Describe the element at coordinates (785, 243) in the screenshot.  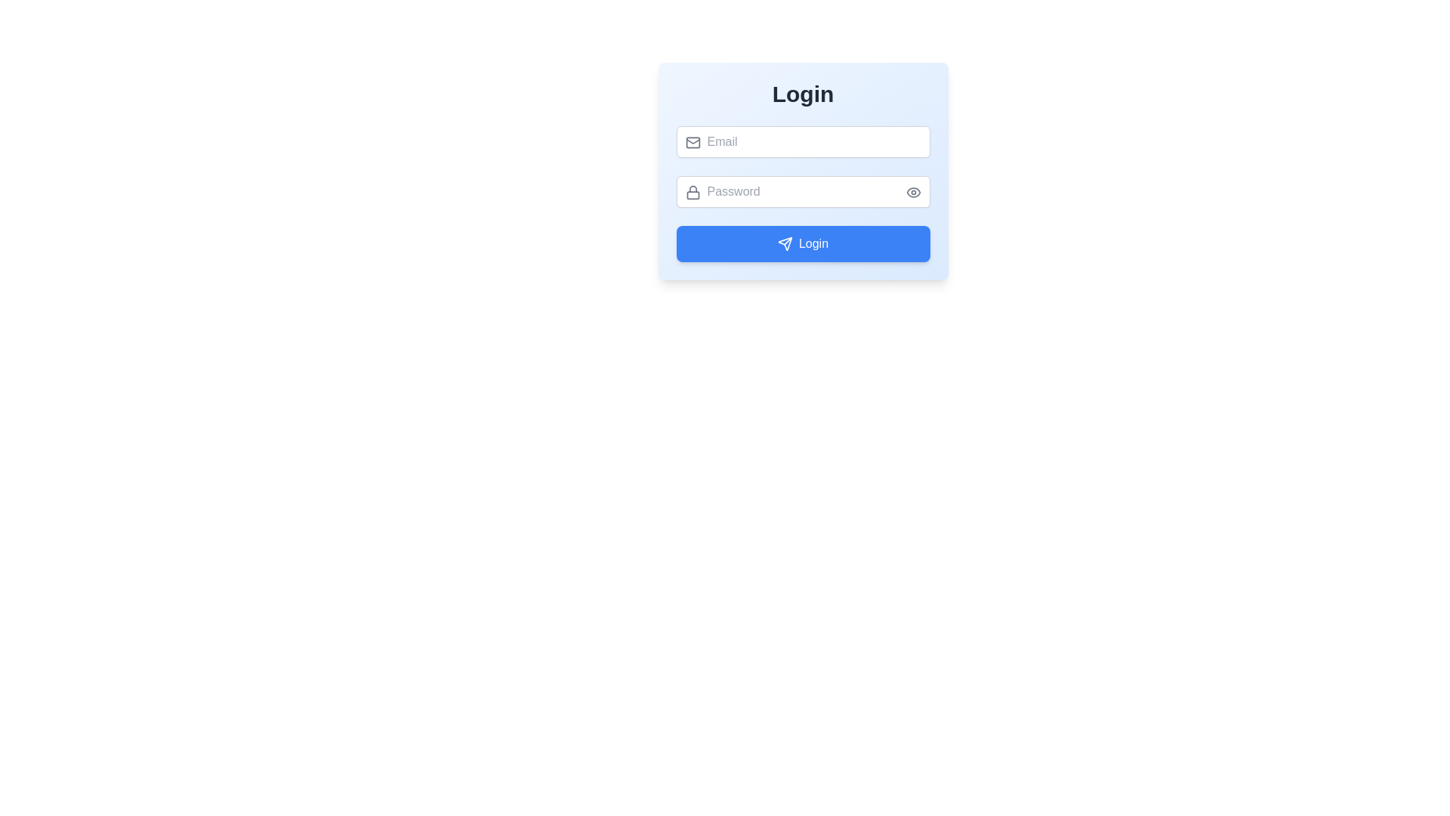
I see `the arrow-shaped icon resembling a paper airplane, located to the left of the text 'Login' within a blue button at the bottom of the login form to interact with the button` at that location.